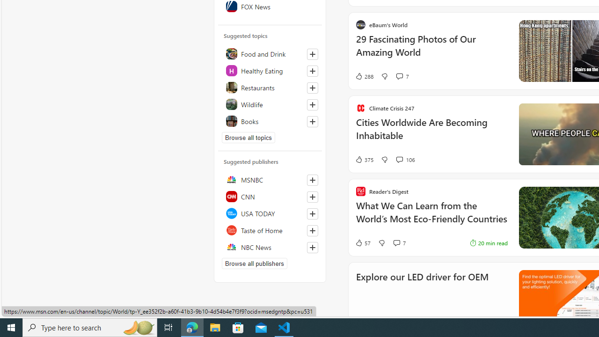  I want to click on 'Follow this source', so click(312, 247).